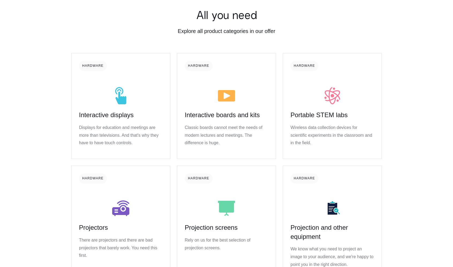  What do you see at coordinates (184, 115) in the screenshot?
I see `'Interactive boards and kits'` at bounding box center [184, 115].